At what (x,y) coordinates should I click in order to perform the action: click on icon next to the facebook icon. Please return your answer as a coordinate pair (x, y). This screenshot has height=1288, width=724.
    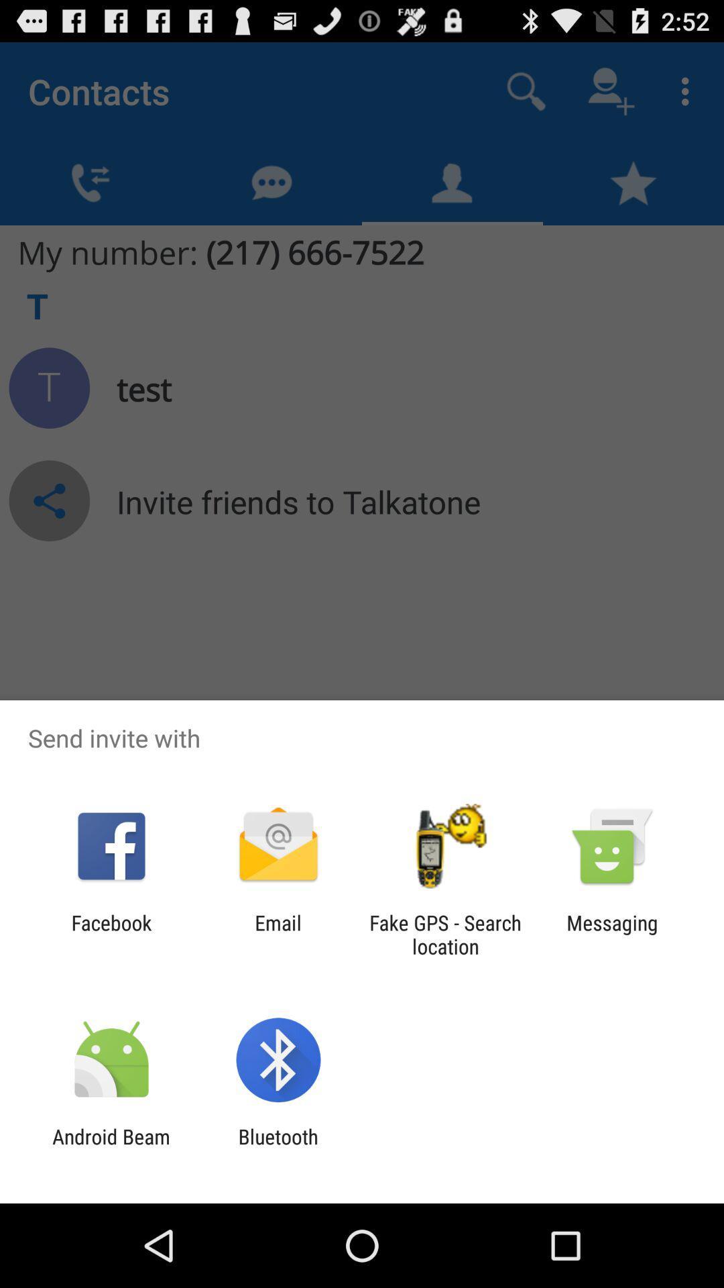
    Looking at the image, I should click on (278, 934).